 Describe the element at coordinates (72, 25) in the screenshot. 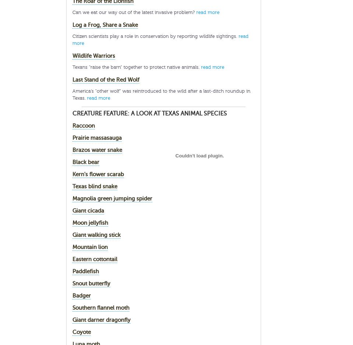

I see `'Log a Frog, Share a Snake'` at that location.